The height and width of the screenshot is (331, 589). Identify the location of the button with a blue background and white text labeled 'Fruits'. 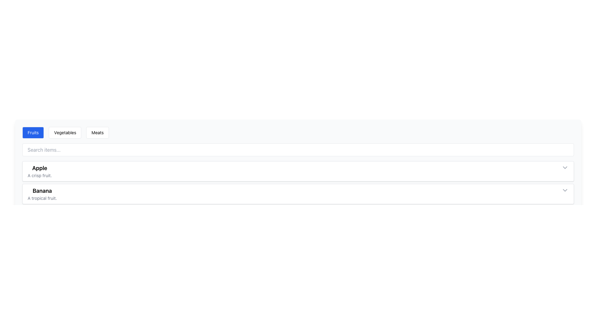
(33, 132).